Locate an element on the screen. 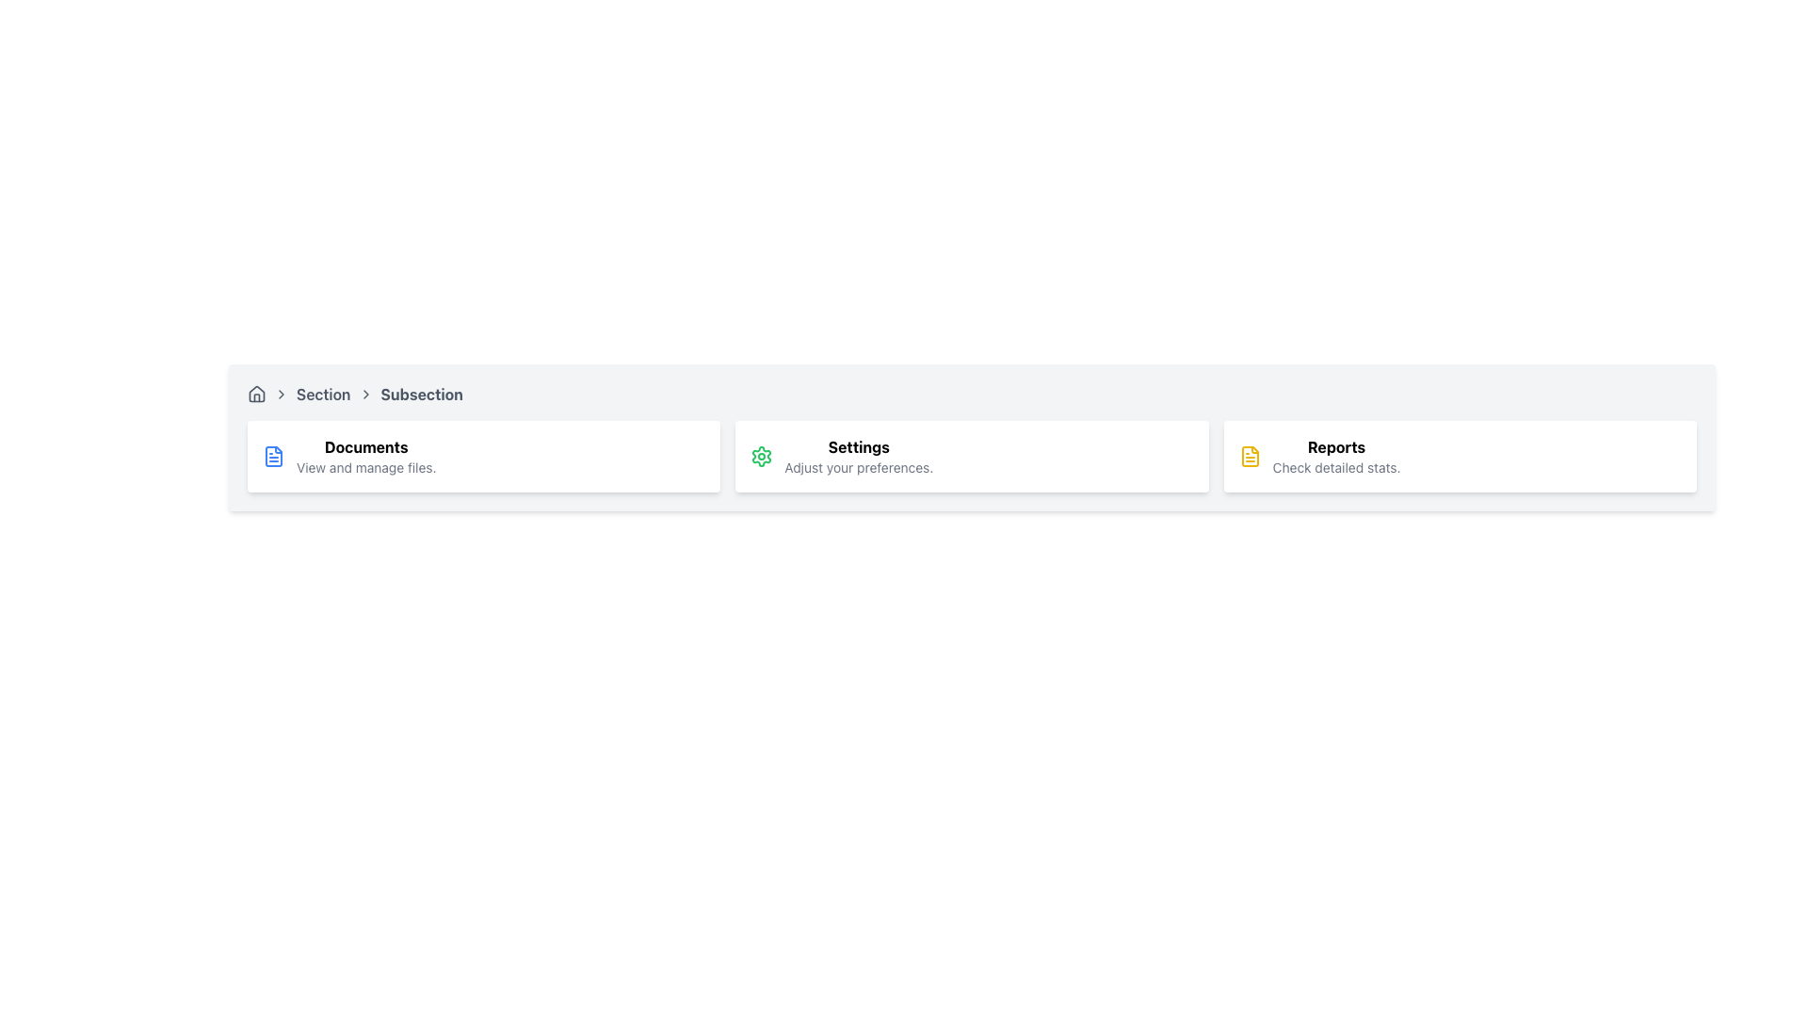 The width and height of the screenshot is (1808, 1017). the 'Documents' shortcut card button, which is the first card in a horizontal grid layout of three cards, located at the top-left corner adjacent to 'Settings' and 'Reports' is located at coordinates (484, 457).